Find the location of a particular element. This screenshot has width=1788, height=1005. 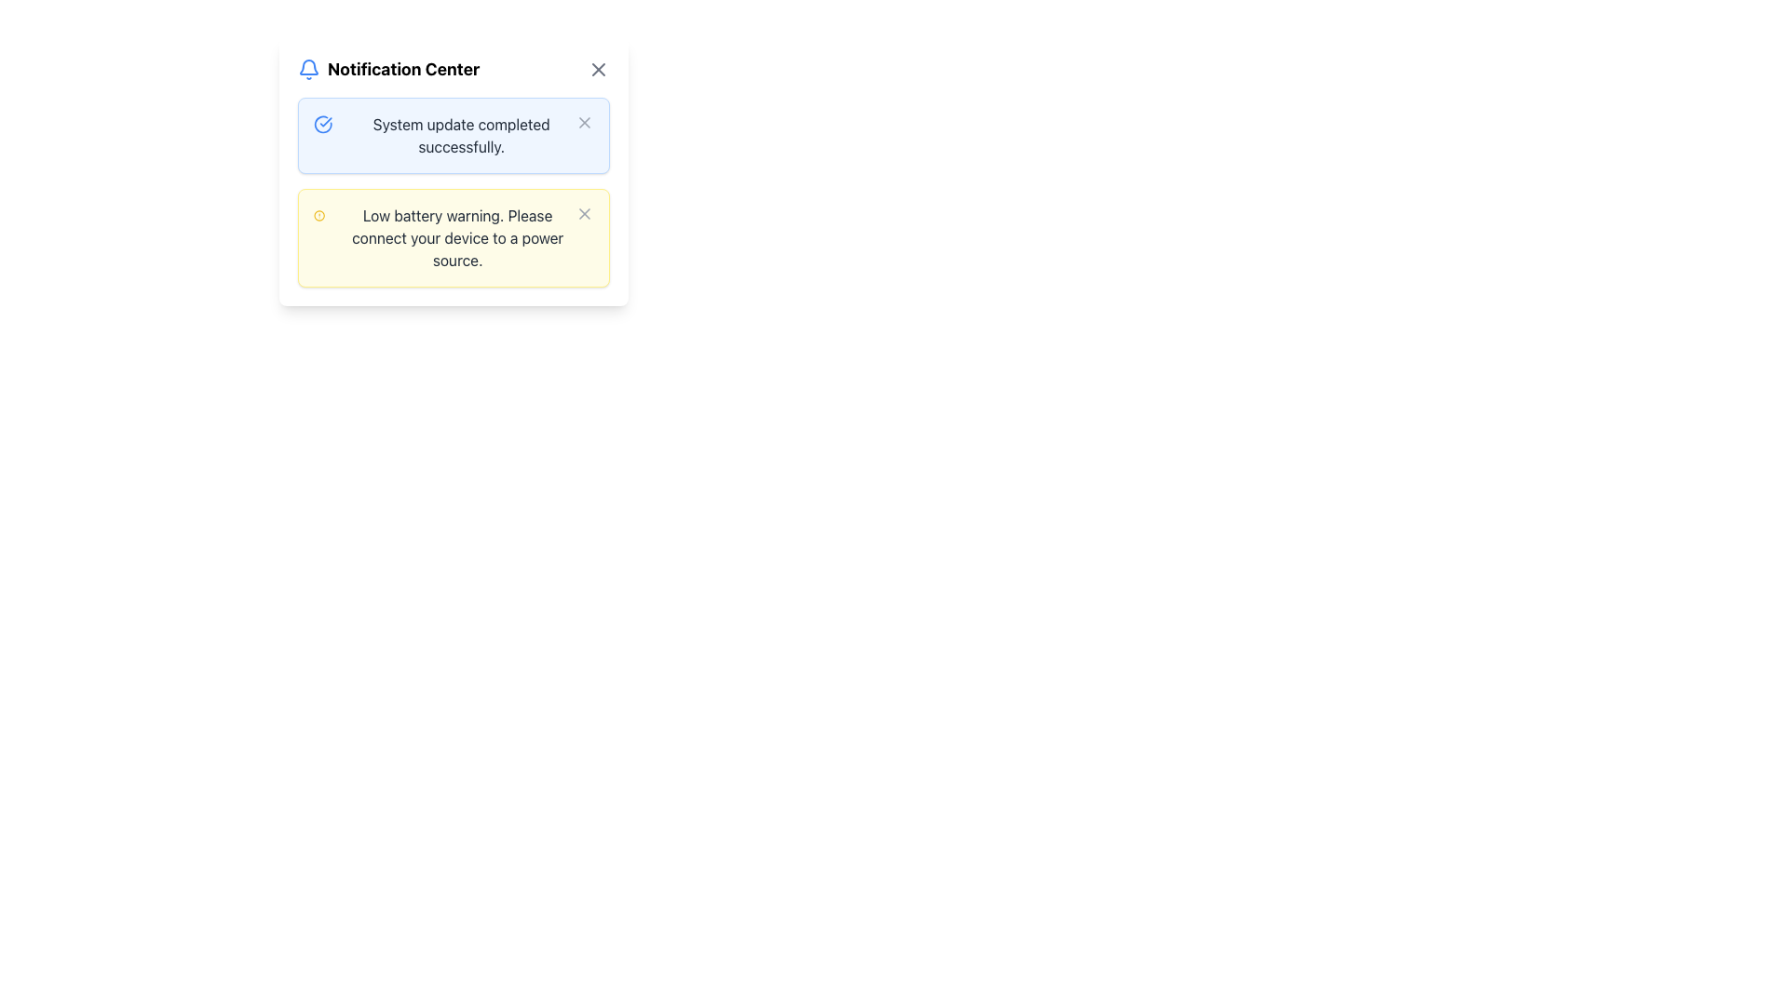

text-based notification stating 'Low battery warning. Please connect your device to a power source.' which is displayed in gray text aligned to the left inside the warning notification area is located at coordinates (457, 236).